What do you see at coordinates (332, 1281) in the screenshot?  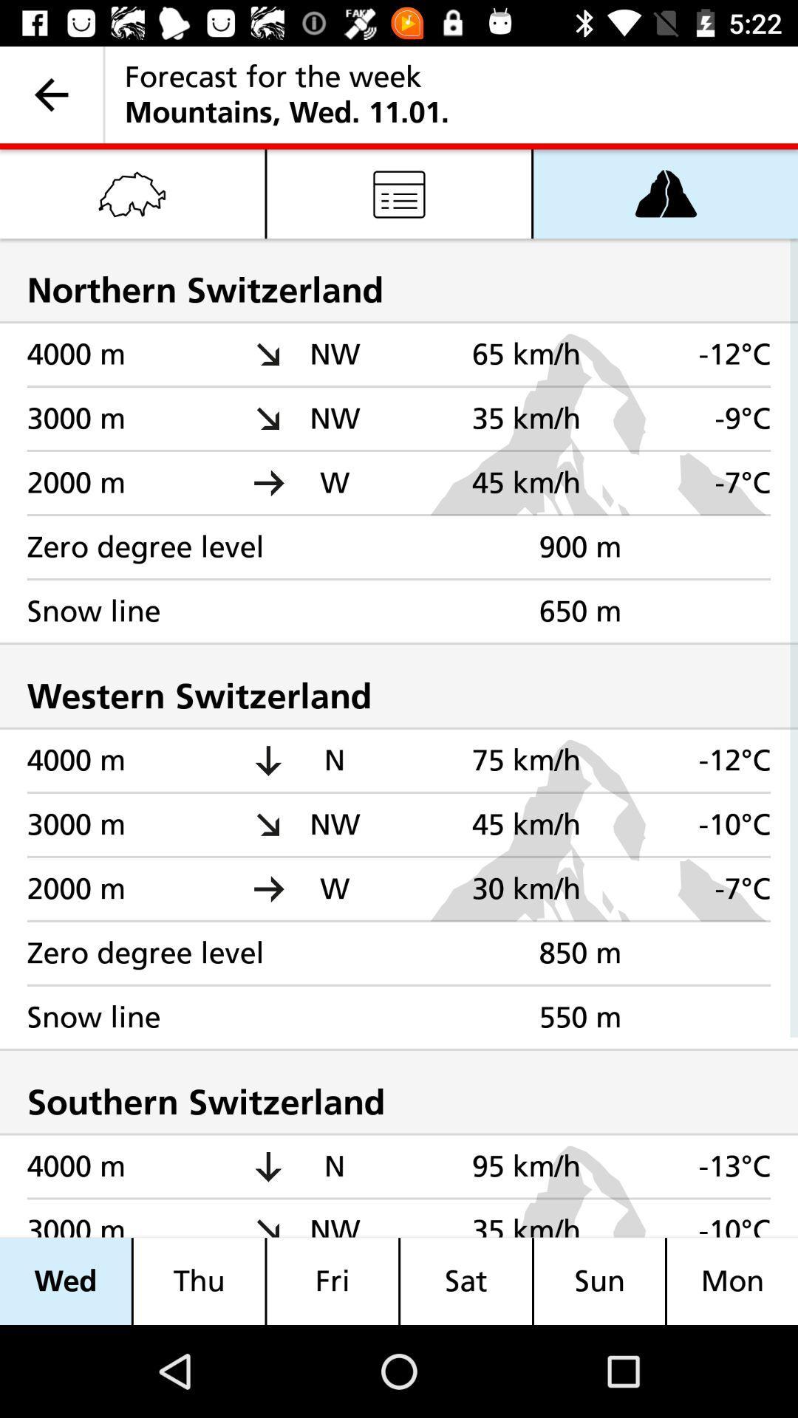 I see `the fri` at bounding box center [332, 1281].